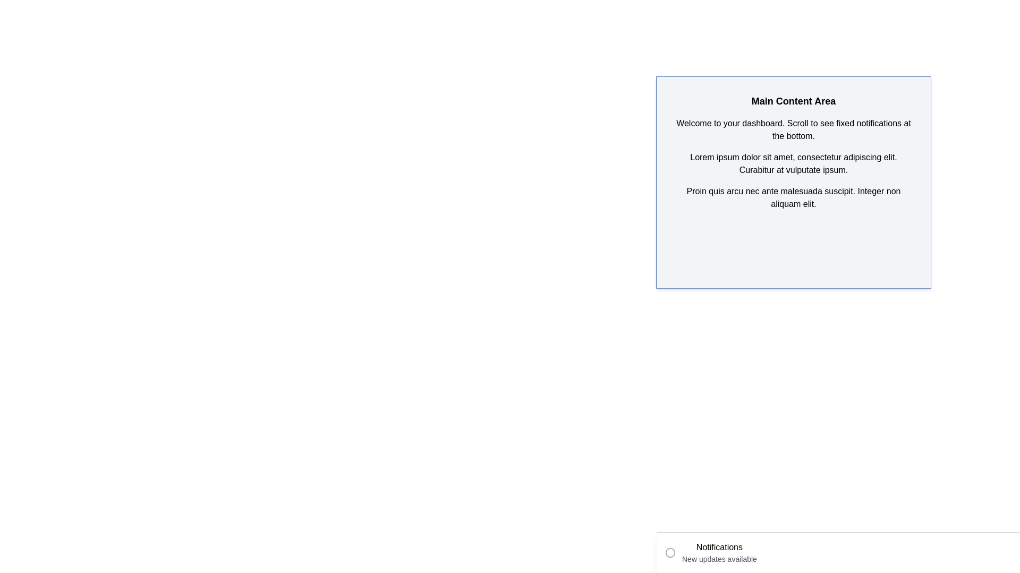  What do you see at coordinates (793, 101) in the screenshot?
I see `the title 'Main Content Area', which is styled with bold and large font and is positioned at the top of the section above the paragraph about the dashboard` at bounding box center [793, 101].